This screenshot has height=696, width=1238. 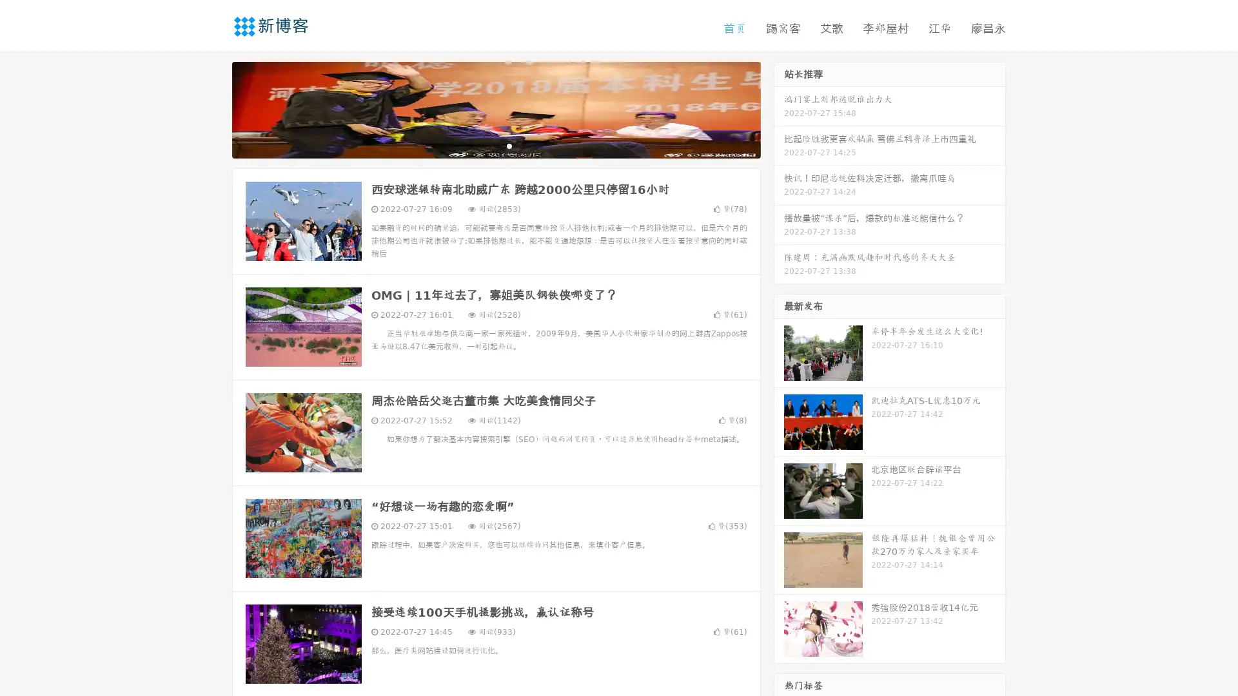 I want to click on Go to slide 3, so click(x=509, y=145).